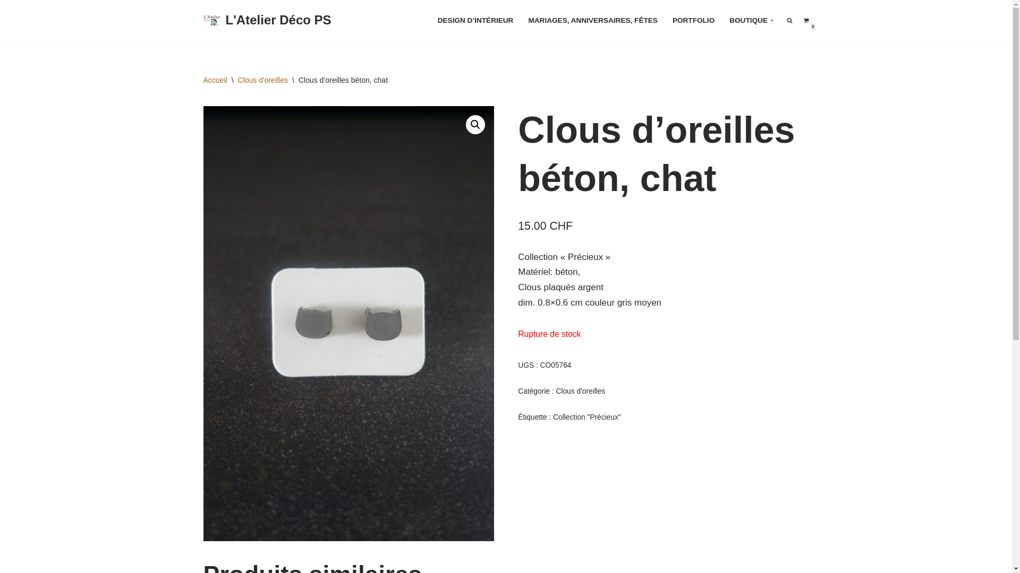 This screenshot has height=573, width=1020. I want to click on 'PORTFOLIO', so click(693, 20).